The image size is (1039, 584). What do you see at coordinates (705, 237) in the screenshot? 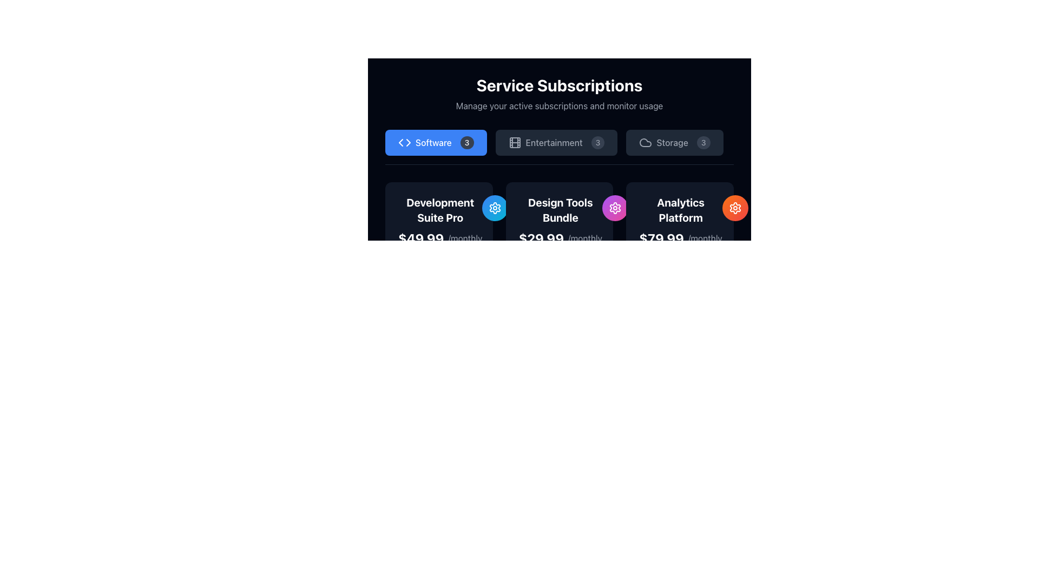
I see `the label that provides supplementary information about the monthly pricing interval for the 'Analytics Platform' subscription, positioned to the right of the price text ('$79.99')` at bounding box center [705, 237].